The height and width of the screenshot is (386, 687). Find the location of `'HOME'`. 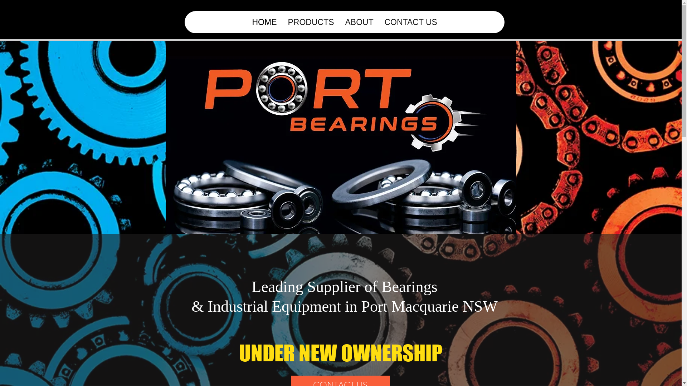

'HOME' is located at coordinates (264, 21).